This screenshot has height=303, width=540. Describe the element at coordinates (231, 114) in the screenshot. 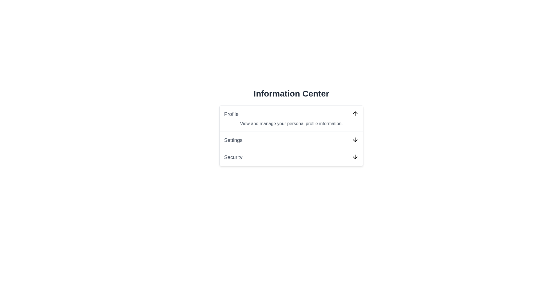

I see `the text label reading 'Profile' which is styled in bold gray (#707070) and located in the top section of the 'Information Center' group` at that location.